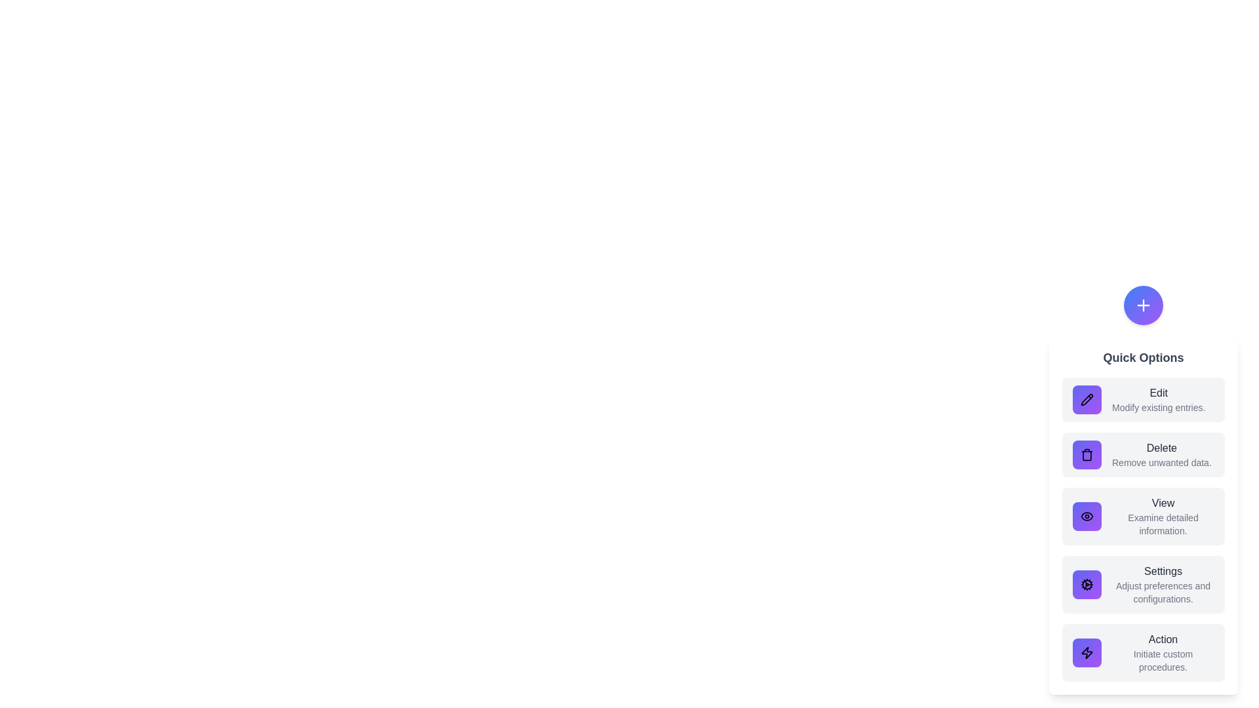 This screenshot has width=1259, height=708. What do you see at coordinates (1142, 583) in the screenshot?
I see `the option Settings to observe its hover effect` at bounding box center [1142, 583].